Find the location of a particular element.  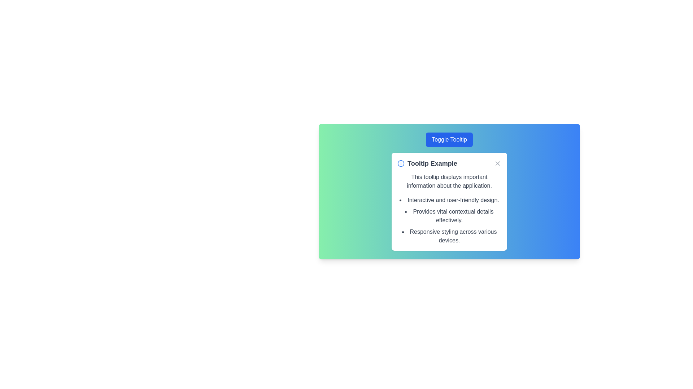

the blue and white outlined SVG Circle Graphic located in the upper-left corner of the tooltip box next to the title text 'Tooltip Example' is located at coordinates (400, 164).